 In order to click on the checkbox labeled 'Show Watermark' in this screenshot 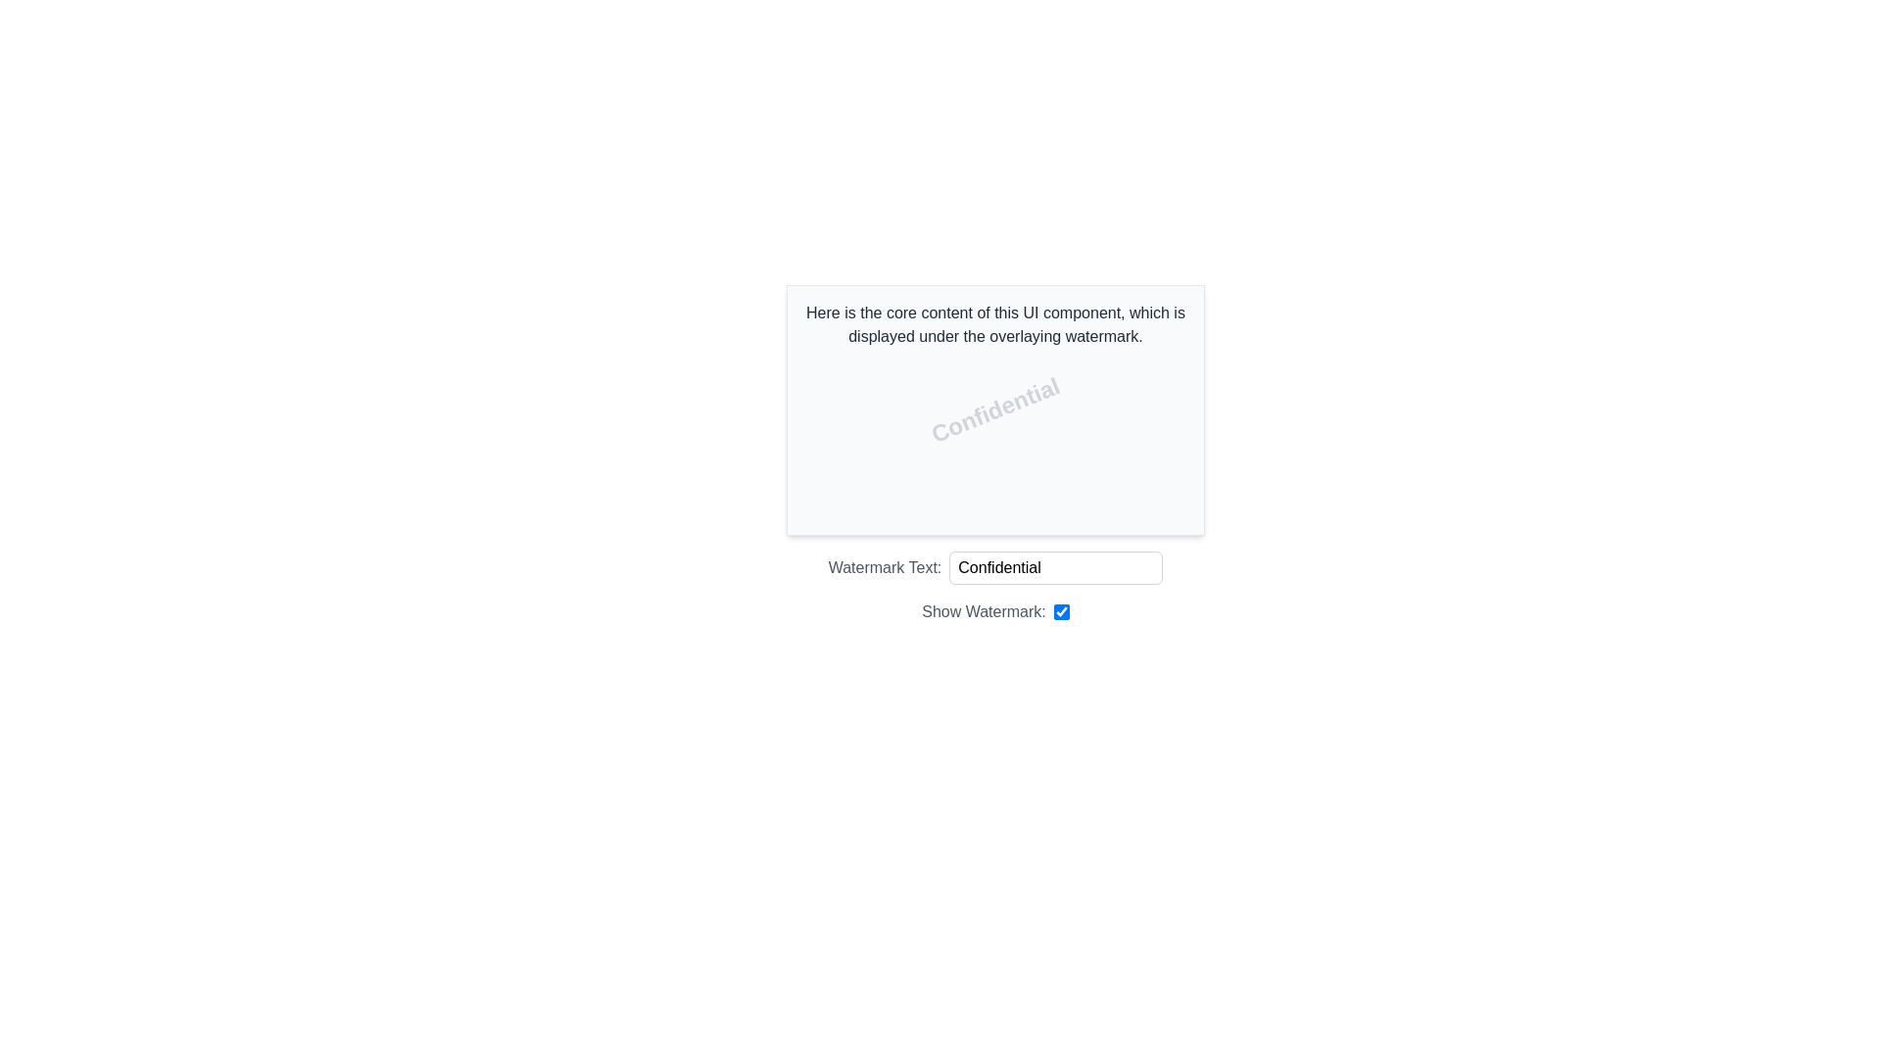, I will do `click(1060, 610)`.